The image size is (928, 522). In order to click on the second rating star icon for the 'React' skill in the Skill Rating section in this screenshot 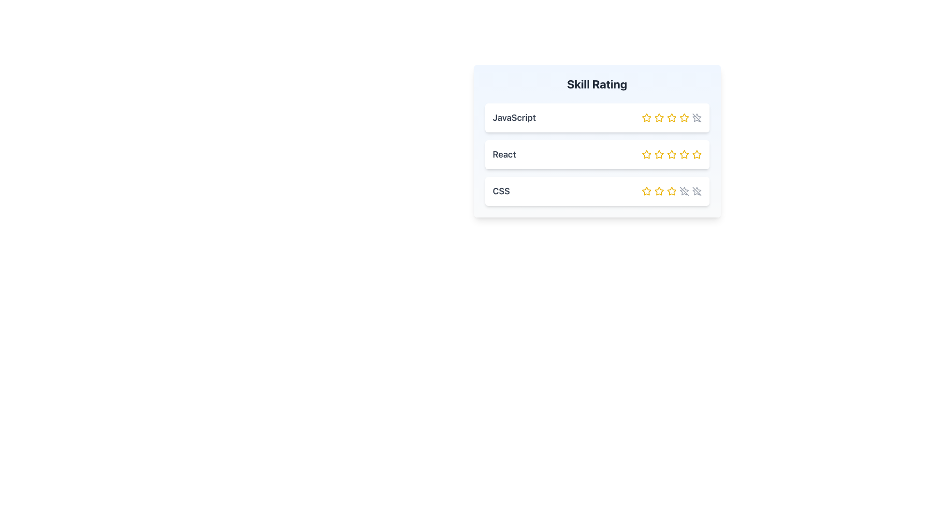, I will do `click(658, 154)`.